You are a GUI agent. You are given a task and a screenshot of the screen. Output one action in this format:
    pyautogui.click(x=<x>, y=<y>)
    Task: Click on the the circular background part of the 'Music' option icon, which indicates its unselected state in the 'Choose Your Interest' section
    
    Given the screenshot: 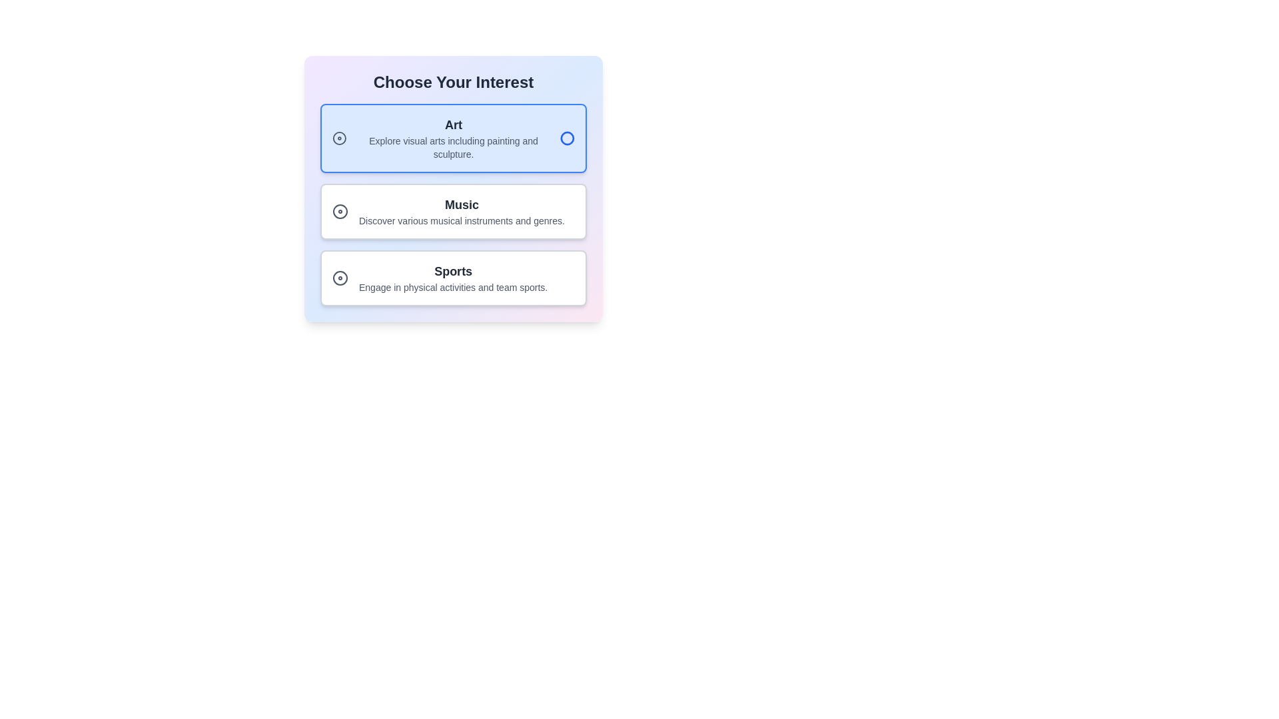 What is the action you would take?
    pyautogui.click(x=340, y=210)
    